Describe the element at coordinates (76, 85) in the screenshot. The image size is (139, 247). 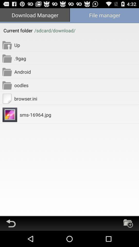
I see `item below android` at that location.